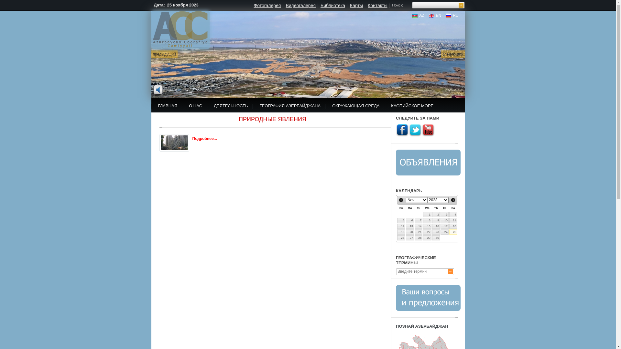 The height and width of the screenshot is (349, 621). I want to click on '17', so click(444, 226).